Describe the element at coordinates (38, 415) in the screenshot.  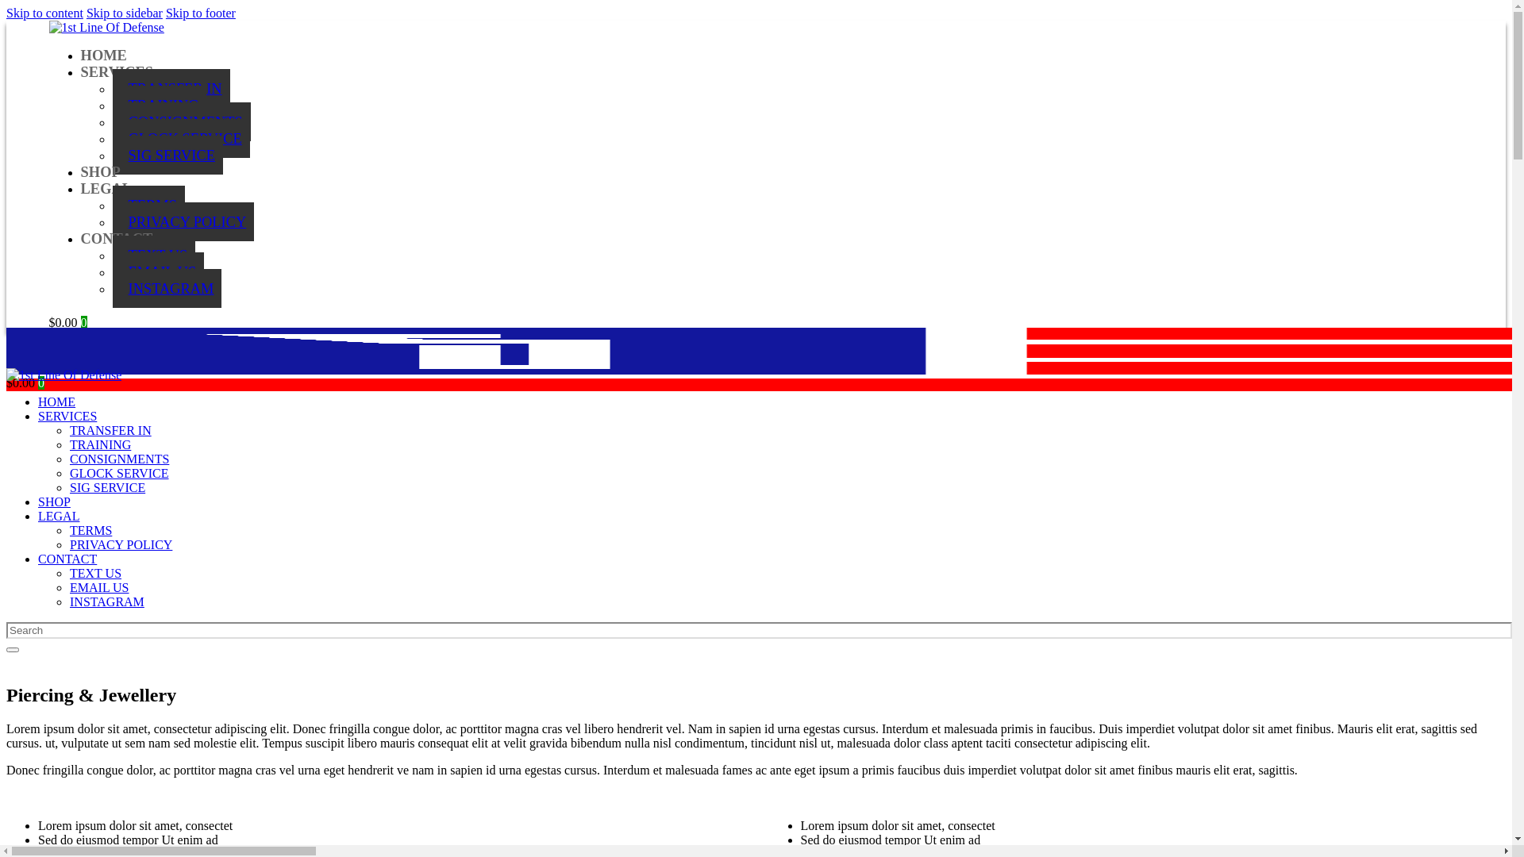
I see `'SERVICES'` at that location.